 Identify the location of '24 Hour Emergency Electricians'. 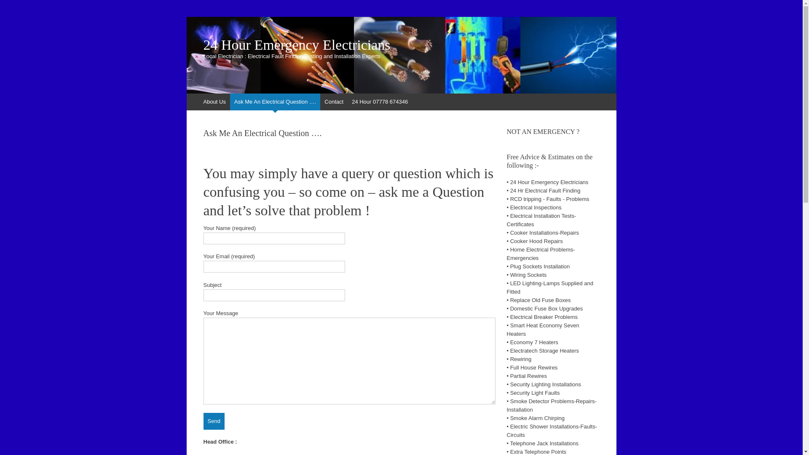
(400, 45).